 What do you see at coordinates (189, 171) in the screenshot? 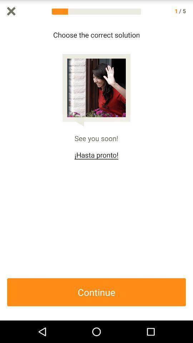
I see `scroll up or down` at bounding box center [189, 171].